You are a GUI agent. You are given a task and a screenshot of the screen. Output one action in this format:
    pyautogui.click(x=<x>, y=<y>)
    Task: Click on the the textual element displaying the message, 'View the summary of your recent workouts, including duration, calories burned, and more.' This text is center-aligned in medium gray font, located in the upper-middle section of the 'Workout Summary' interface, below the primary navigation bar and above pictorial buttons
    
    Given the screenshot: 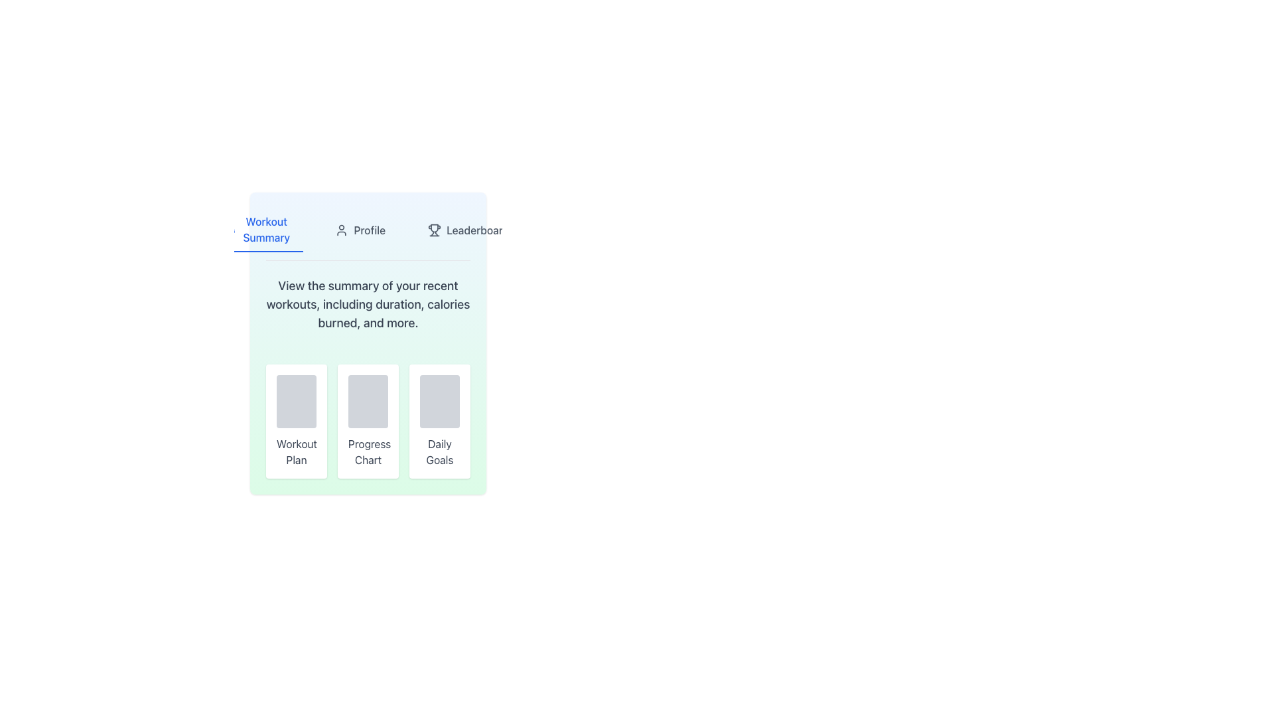 What is the action you would take?
    pyautogui.click(x=368, y=305)
    